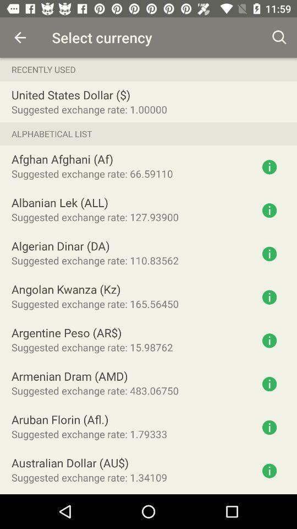  I want to click on the icon above recently used, so click(20, 37).